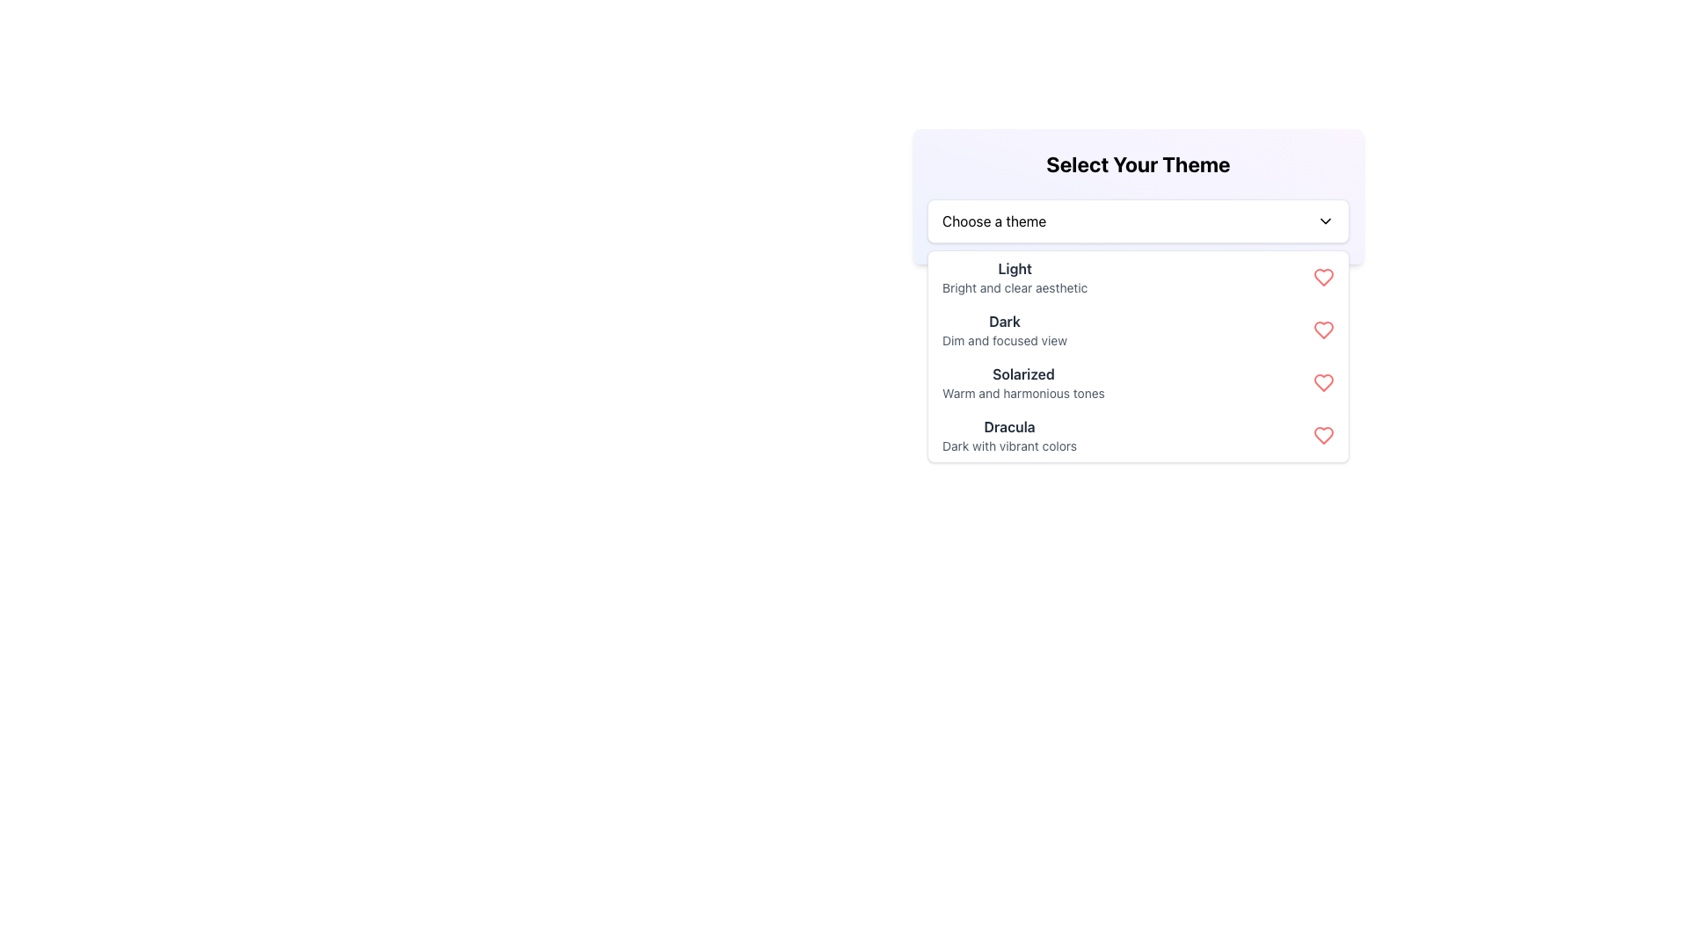 This screenshot has height=949, width=1688. What do you see at coordinates (1015, 277) in the screenshot?
I see `the first List Item in the dropdown section titled 'Select Your Theme', which displays bold text 'Light' and lighter text 'Bright and clear aesthetic'` at bounding box center [1015, 277].